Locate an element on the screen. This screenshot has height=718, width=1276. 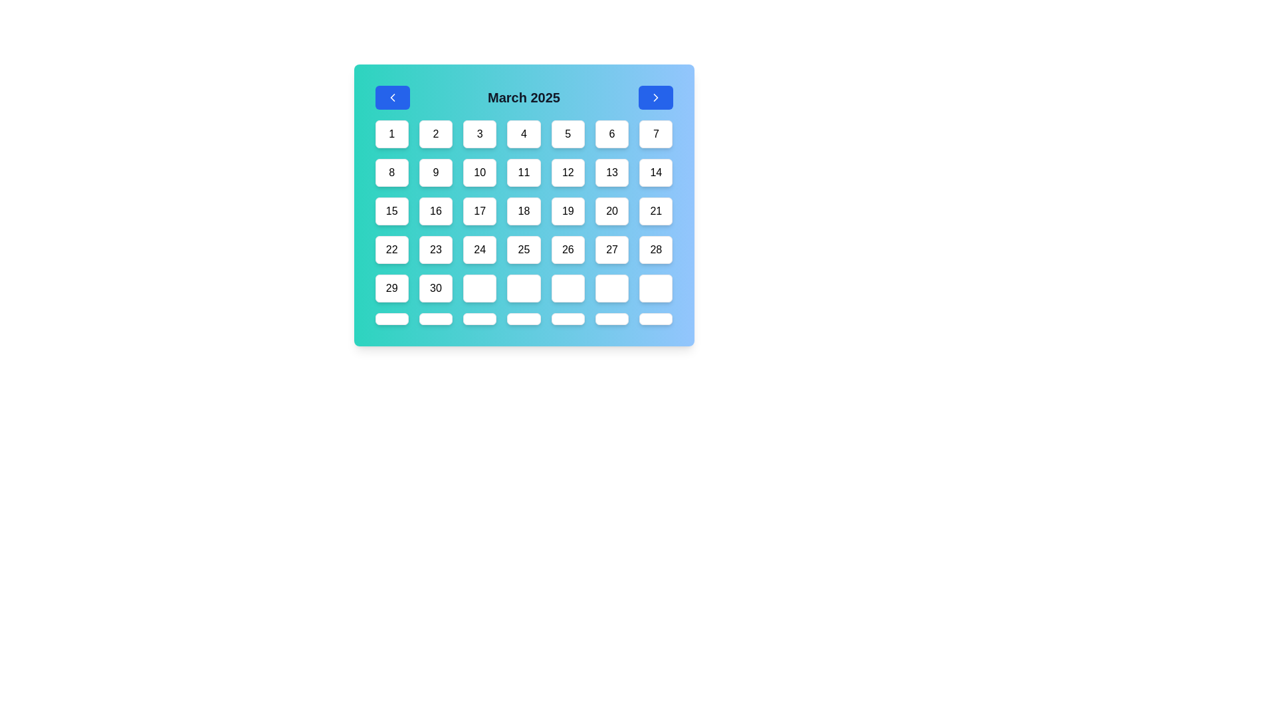
the date selection button located as the 8th item in the 3rd row of the calendar interface is located at coordinates (391, 210).